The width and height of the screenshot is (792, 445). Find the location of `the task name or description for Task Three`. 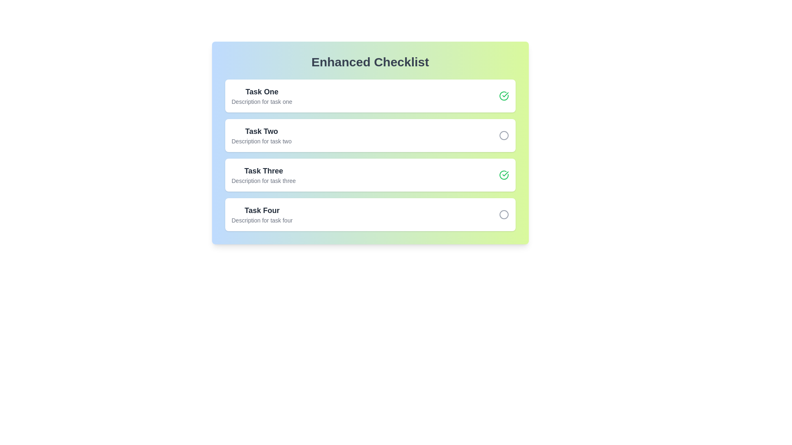

the task name or description for Task Three is located at coordinates (263, 171).